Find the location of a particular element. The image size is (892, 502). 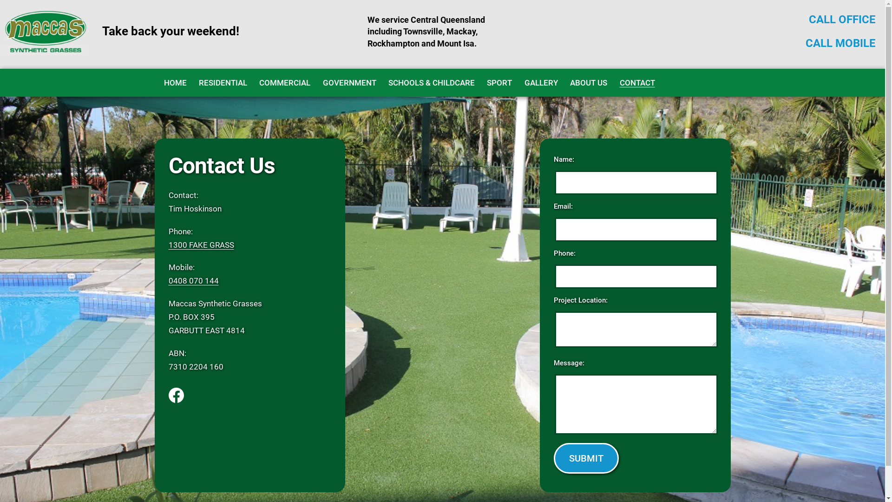

'ABOUT US' is located at coordinates (564, 82).